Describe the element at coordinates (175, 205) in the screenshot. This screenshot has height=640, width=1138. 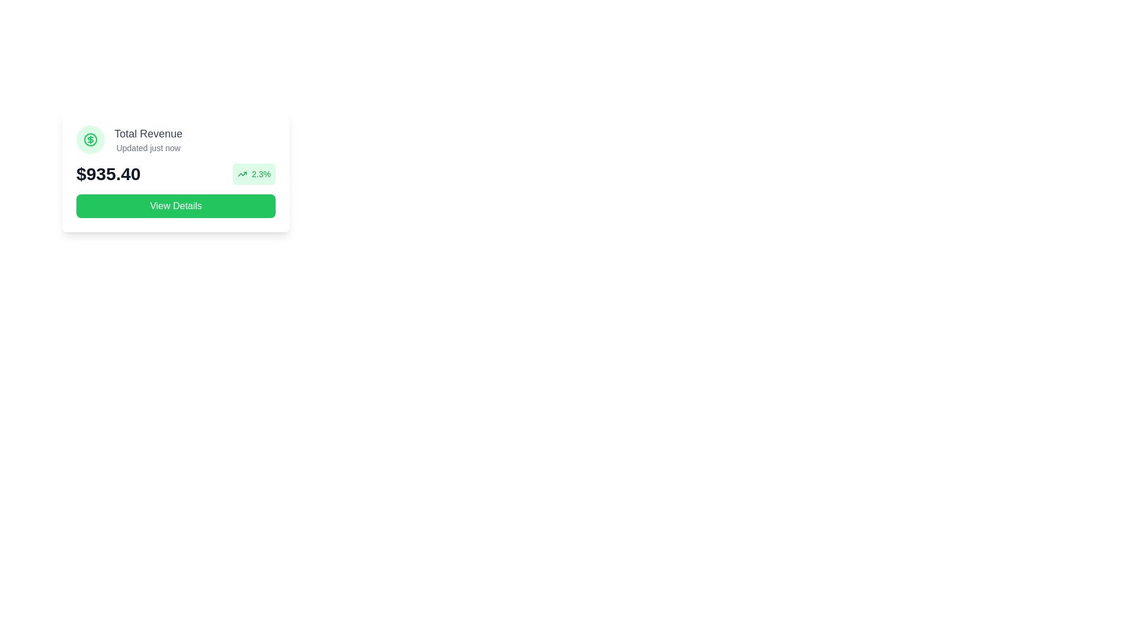
I see `the button located at the bottom of the card component` at that location.